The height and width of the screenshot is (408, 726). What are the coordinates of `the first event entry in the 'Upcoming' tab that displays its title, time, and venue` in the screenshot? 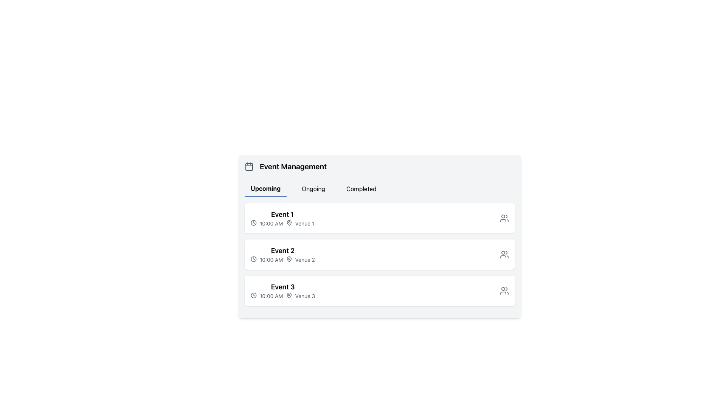 It's located at (282, 218).